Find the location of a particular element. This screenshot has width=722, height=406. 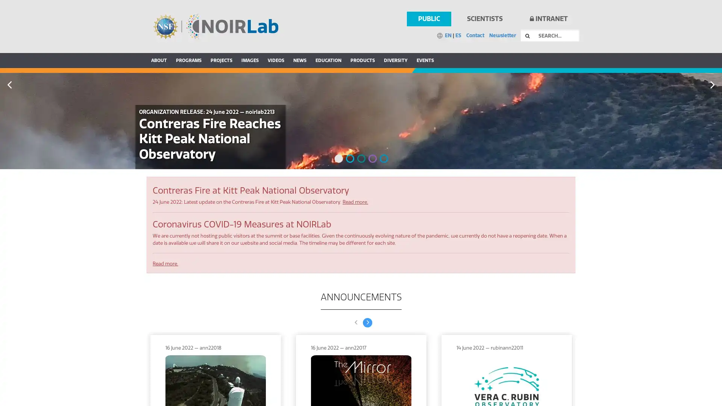

SCIENTISTS is located at coordinates (484, 18).